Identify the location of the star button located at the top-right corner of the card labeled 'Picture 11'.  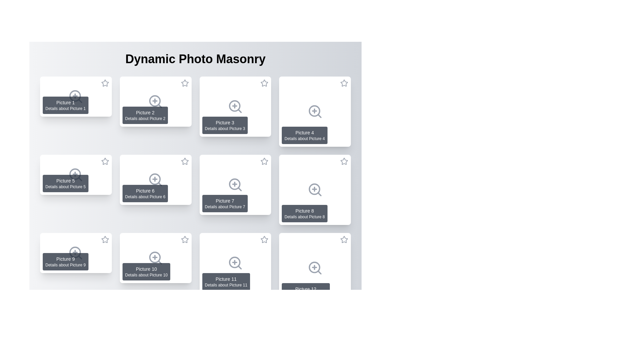
(264, 239).